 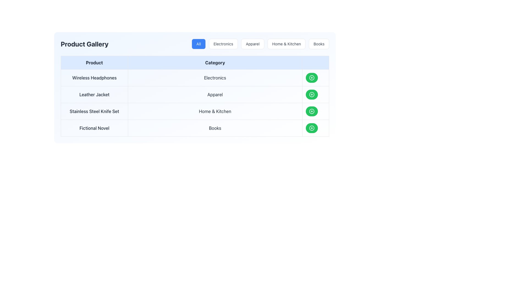 I want to click on the add-to button located in the last row of the table under the 'Category' column for the 'Home & Kitchen' product category, so click(x=312, y=111).